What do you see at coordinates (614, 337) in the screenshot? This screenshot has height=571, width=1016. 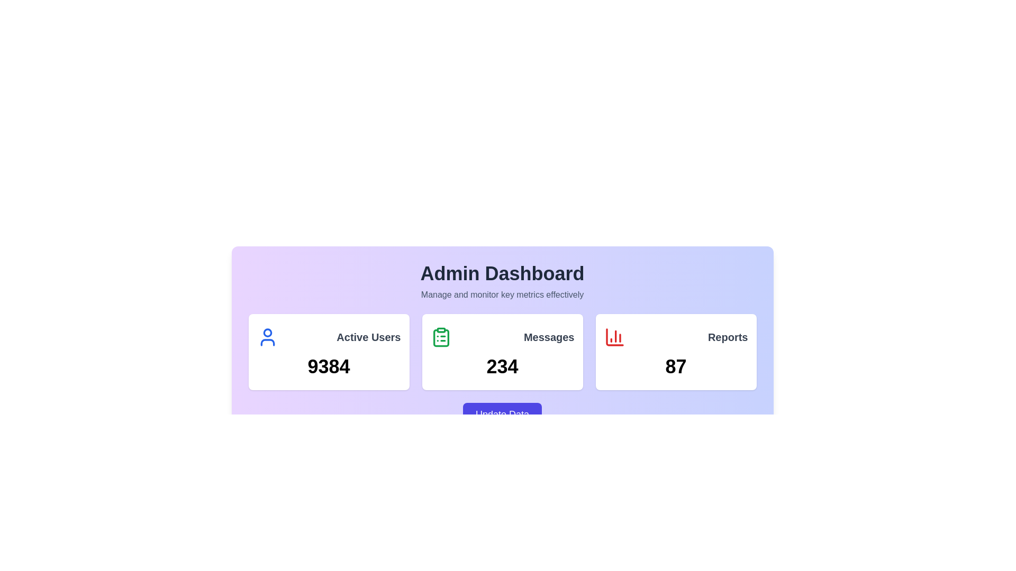 I see `the red graph icon located within the Reports card, which is the fourth card from the left, centrally aligned beneath the title 'Reports'` at bounding box center [614, 337].